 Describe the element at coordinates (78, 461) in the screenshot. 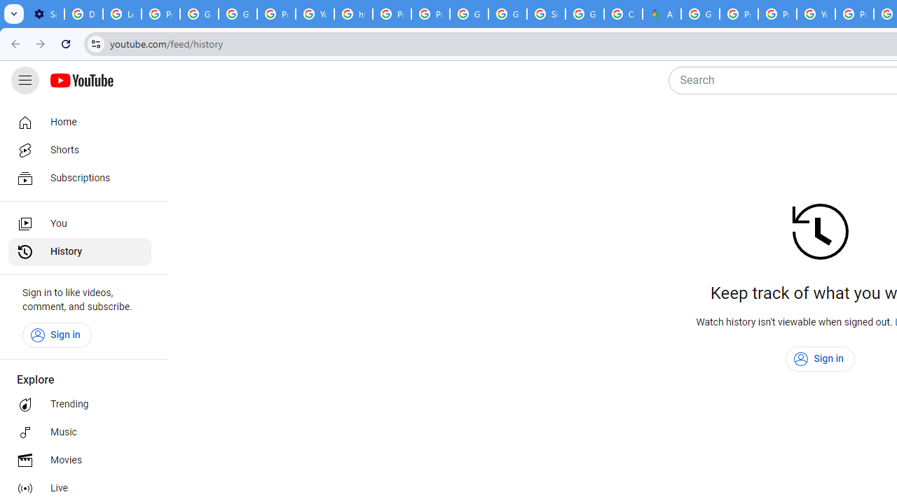

I see `'Movies'` at that location.